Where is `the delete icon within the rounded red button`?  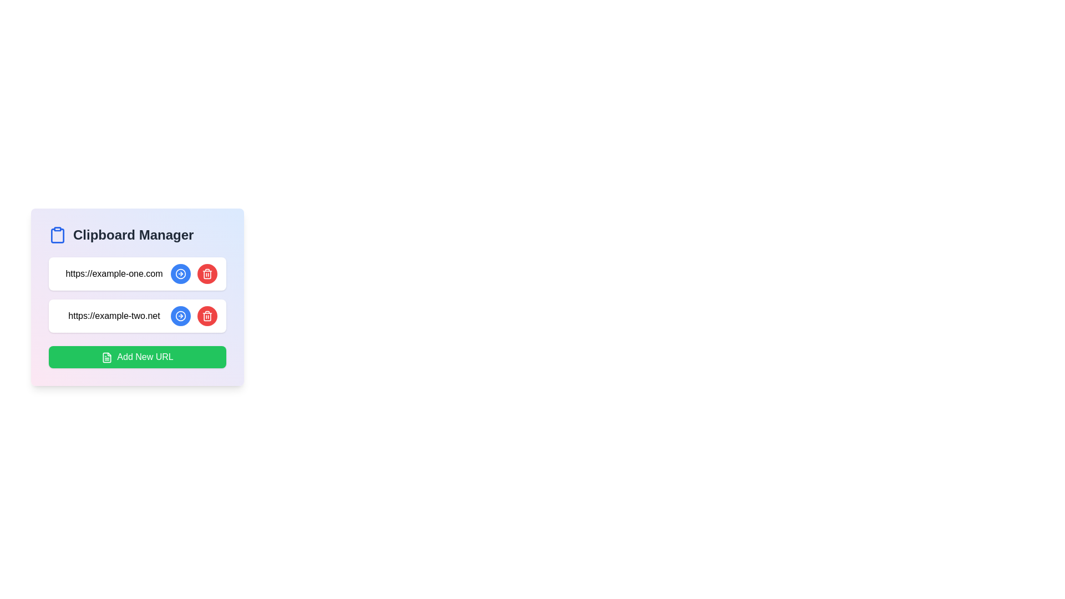
the delete icon within the rounded red button is located at coordinates (207, 273).